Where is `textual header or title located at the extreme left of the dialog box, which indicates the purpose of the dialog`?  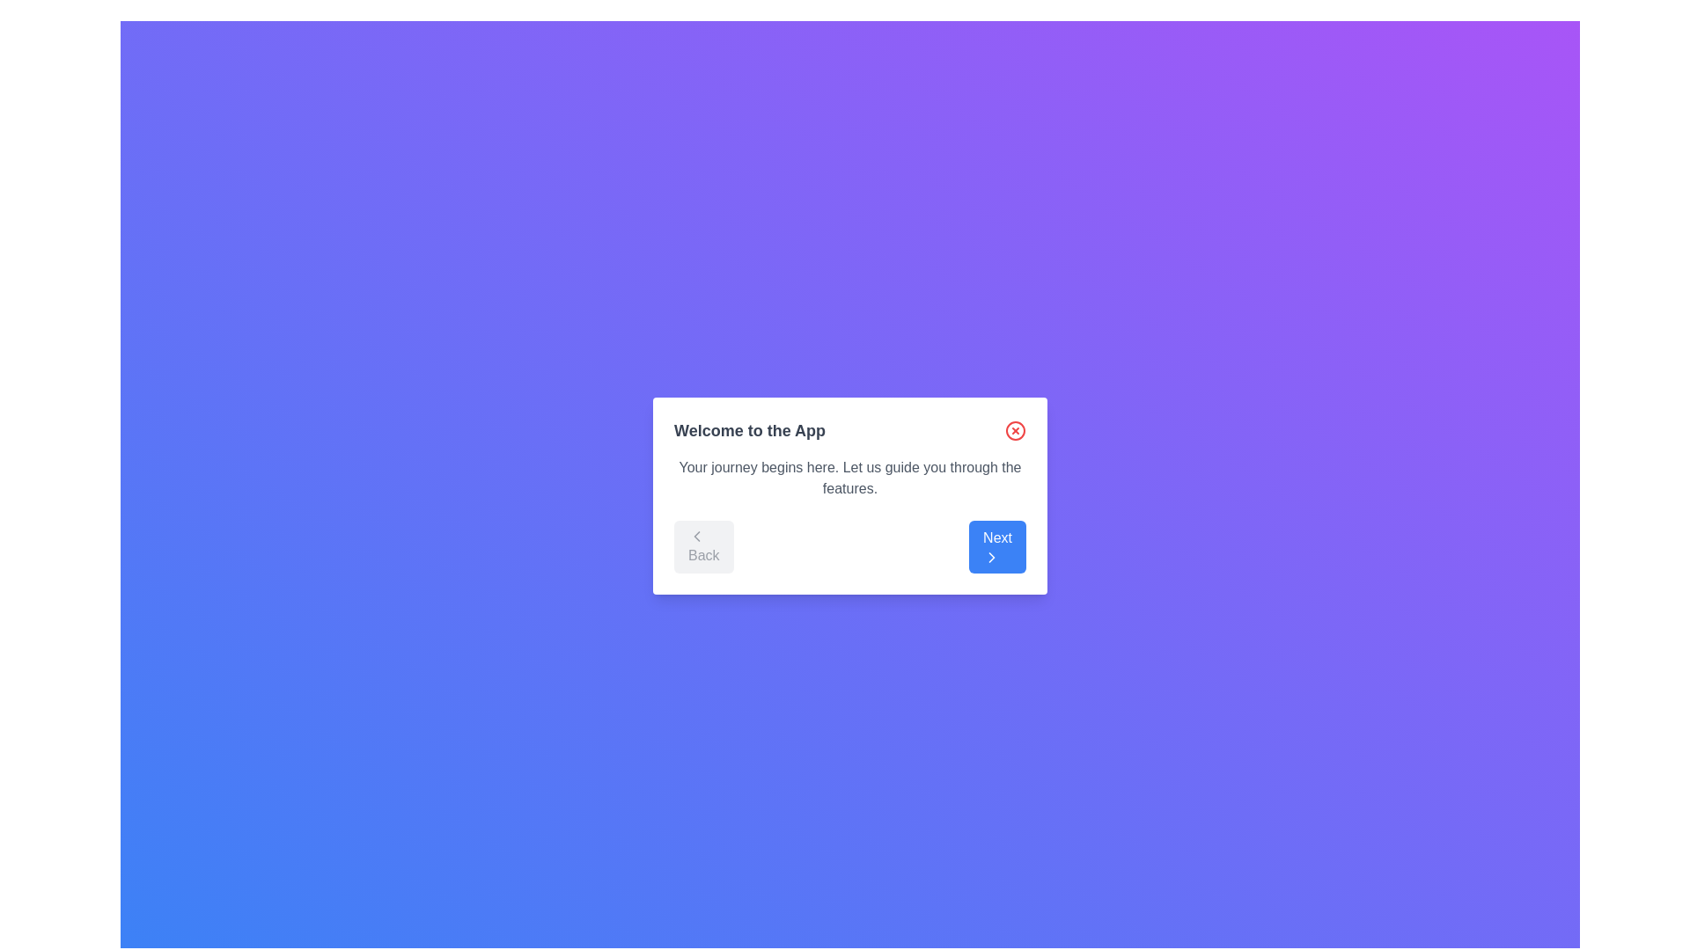
textual header or title located at the extreme left of the dialog box, which indicates the purpose of the dialog is located at coordinates (750, 430).